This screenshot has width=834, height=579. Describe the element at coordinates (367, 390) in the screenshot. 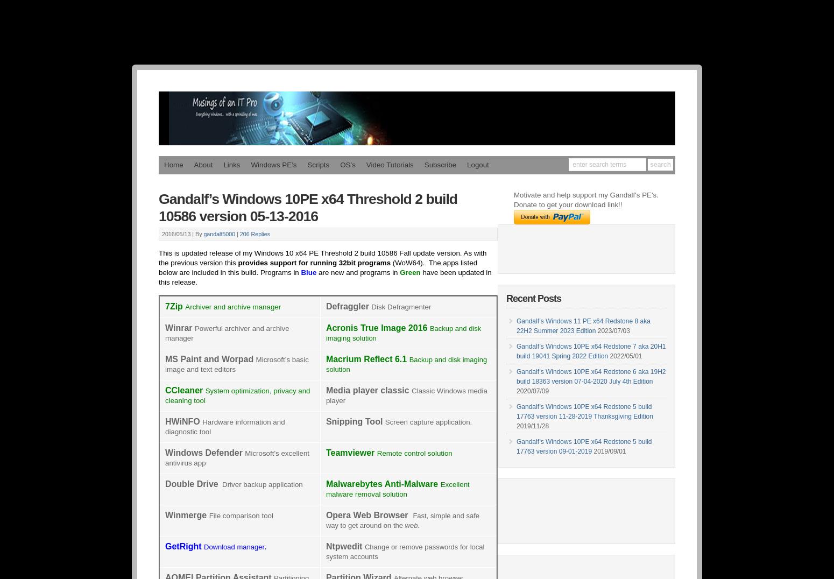

I see `'Media player classic'` at that location.